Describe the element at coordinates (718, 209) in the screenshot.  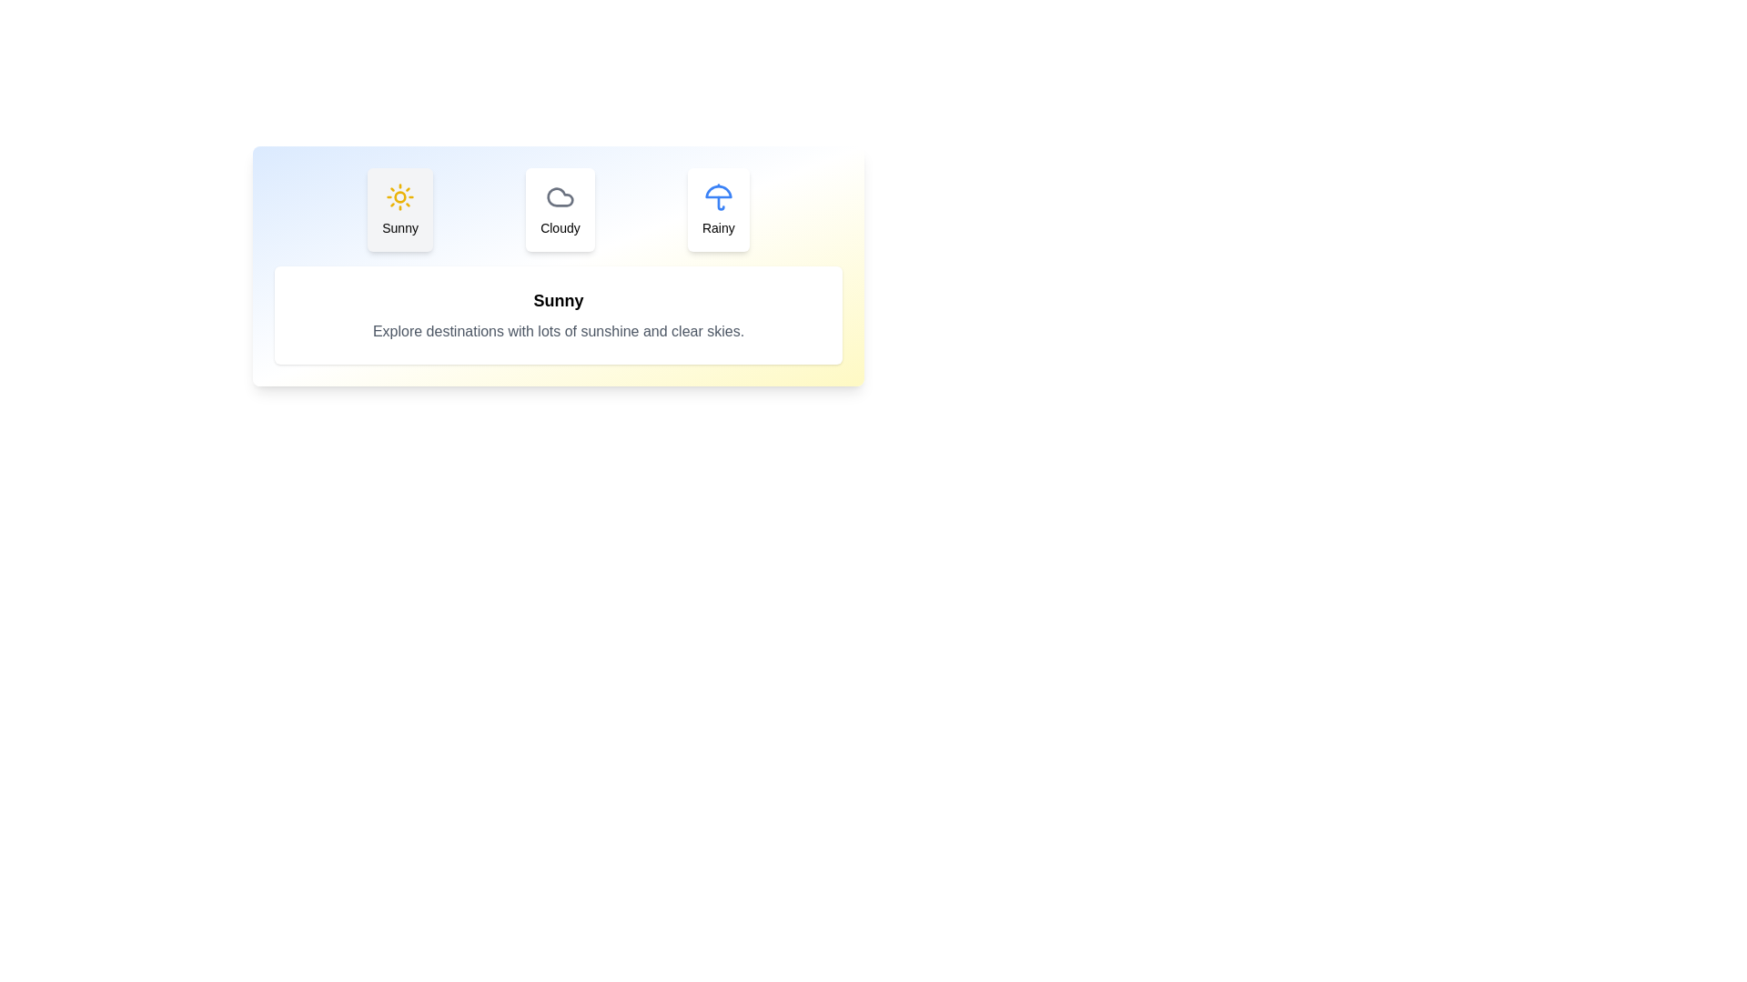
I see `the weather category icon Rainy` at that location.